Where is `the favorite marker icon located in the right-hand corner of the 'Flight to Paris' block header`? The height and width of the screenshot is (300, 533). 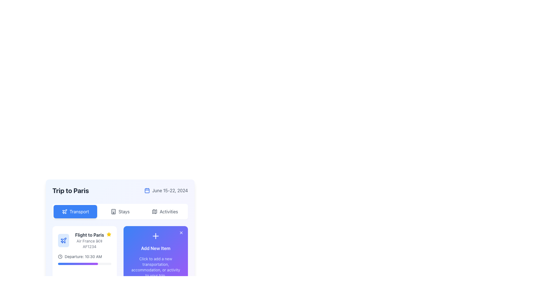
the favorite marker icon located in the right-hand corner of the 'Flight to Paris' block header is located at coordinates (109, 234).